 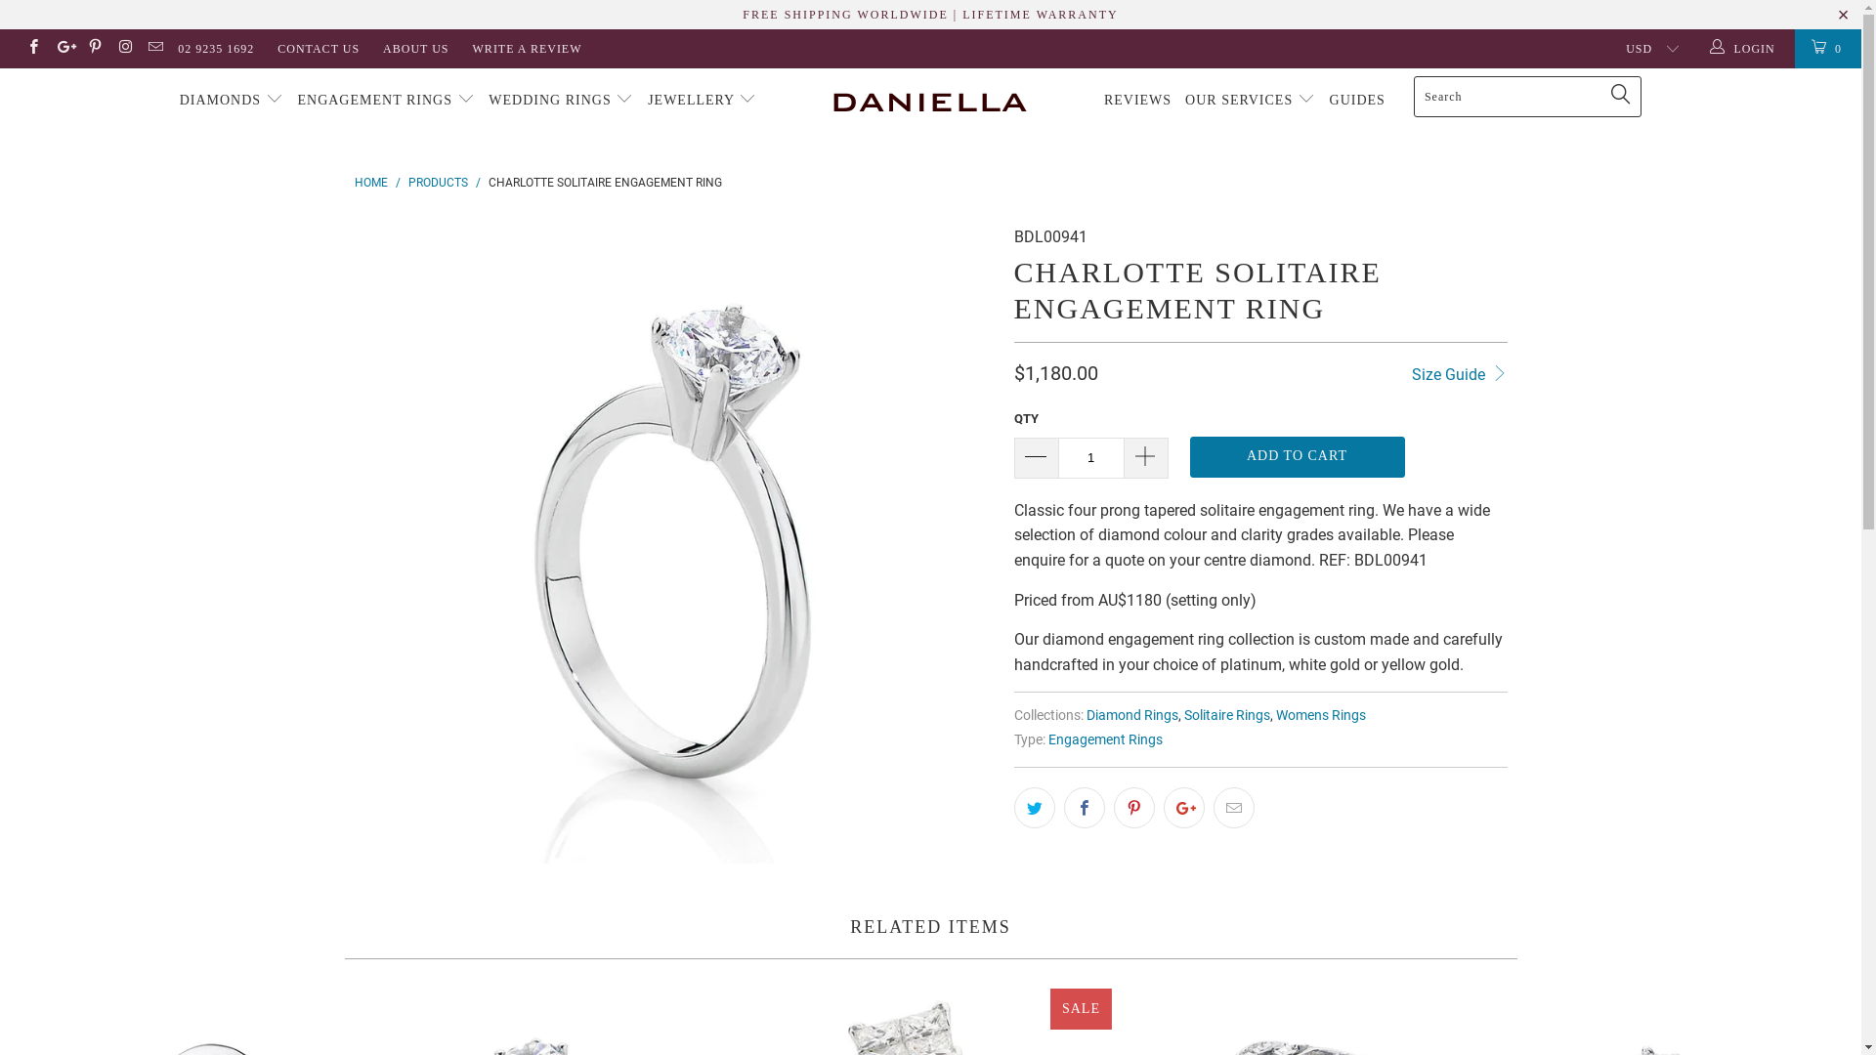 I want to click on 'ADD TO CART', so click(x=1298, y=456).